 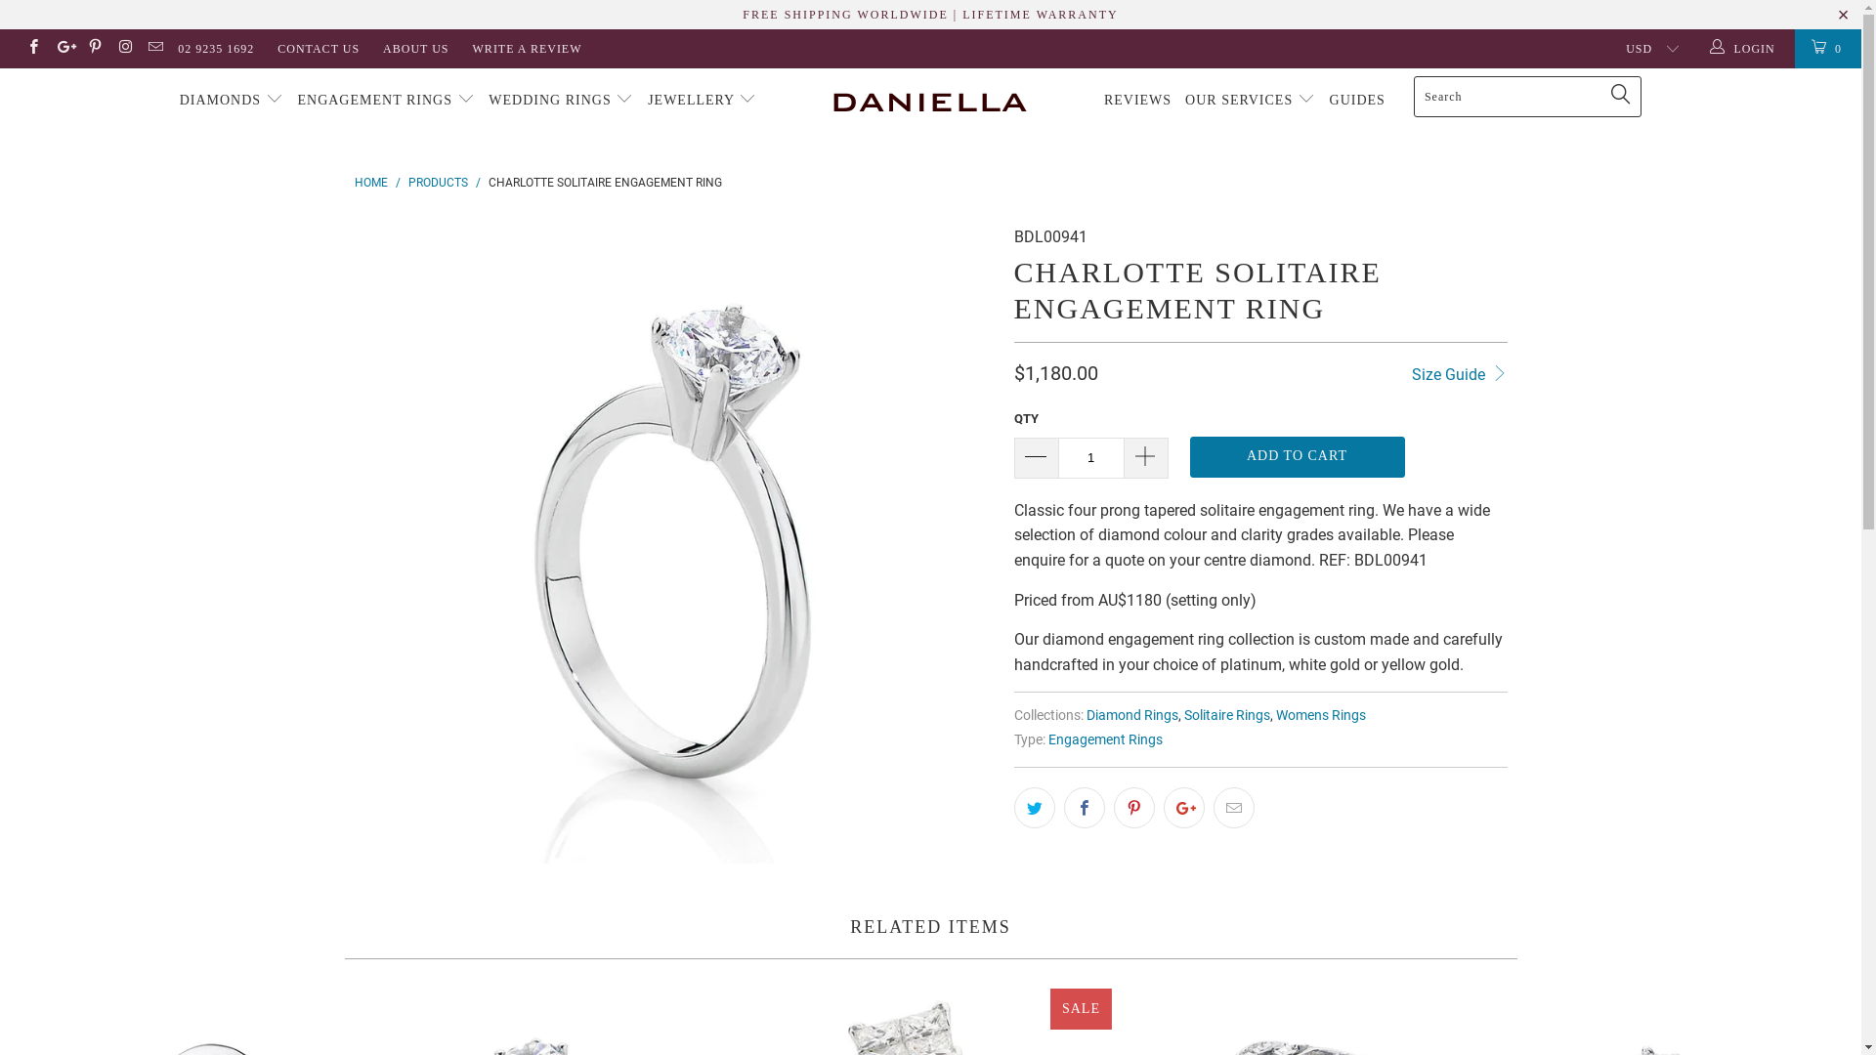 I want to click on 'ADD TO CART', so click(x=1298, y=456).